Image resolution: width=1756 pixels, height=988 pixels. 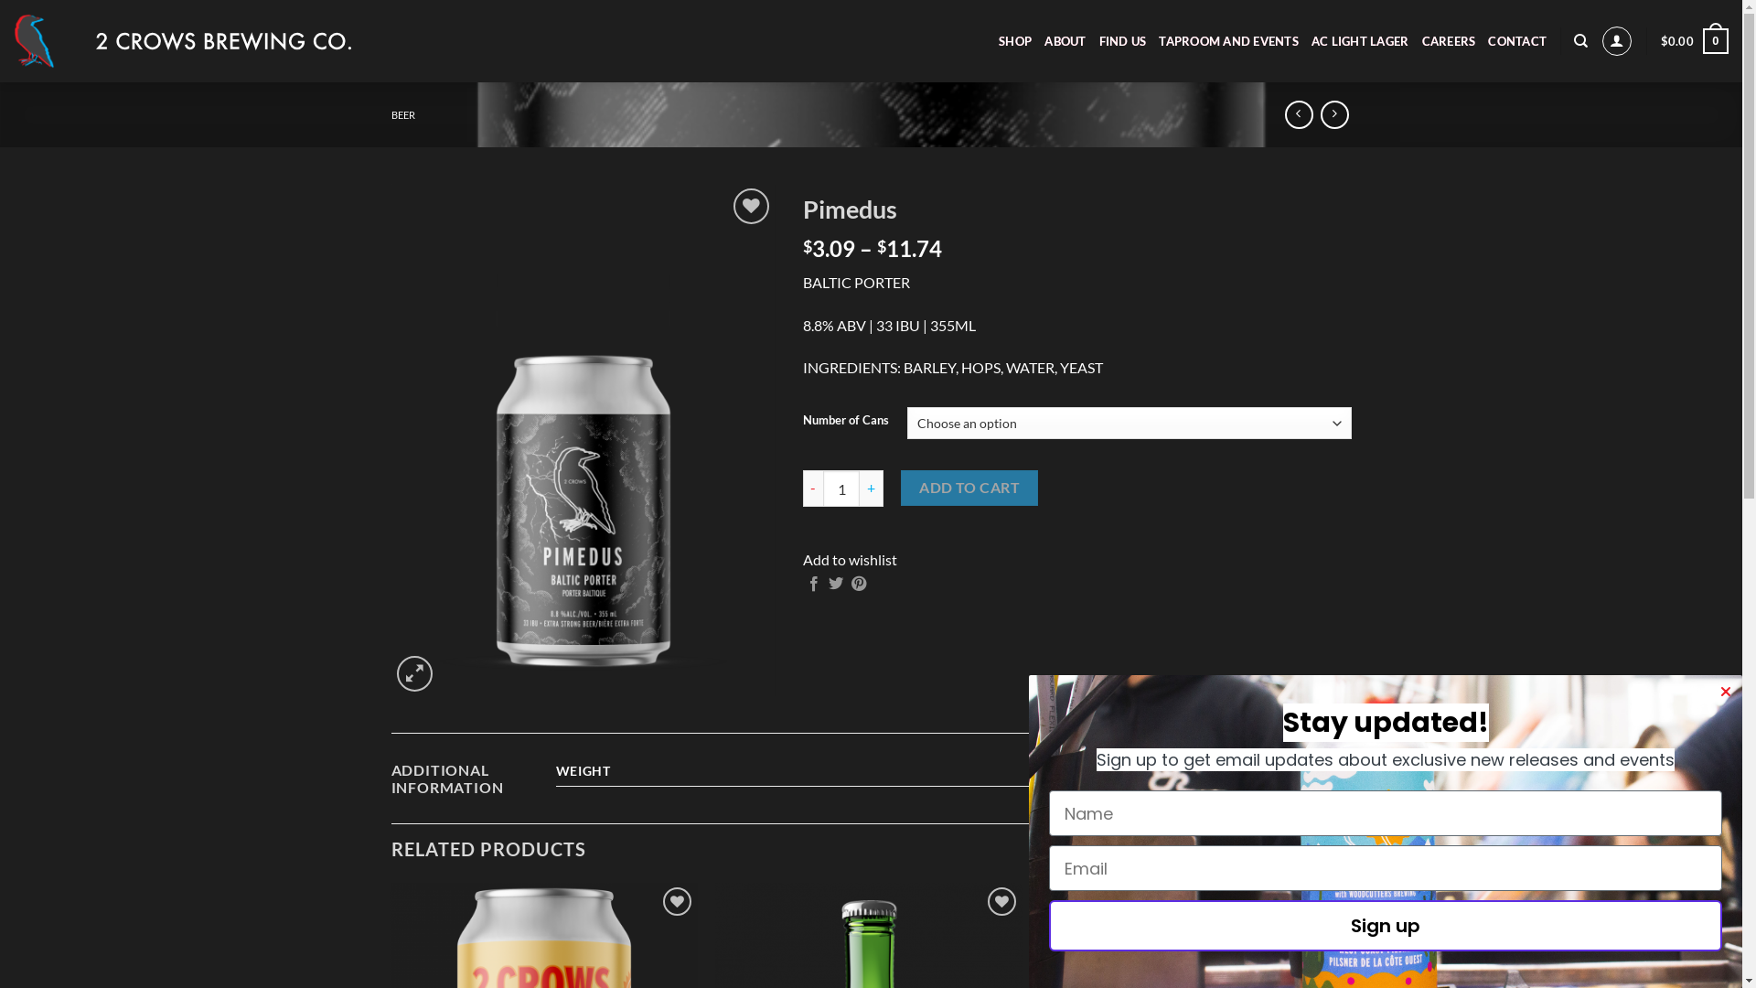 I want to click on 'ABOUT', so click(x=1065, y=41).